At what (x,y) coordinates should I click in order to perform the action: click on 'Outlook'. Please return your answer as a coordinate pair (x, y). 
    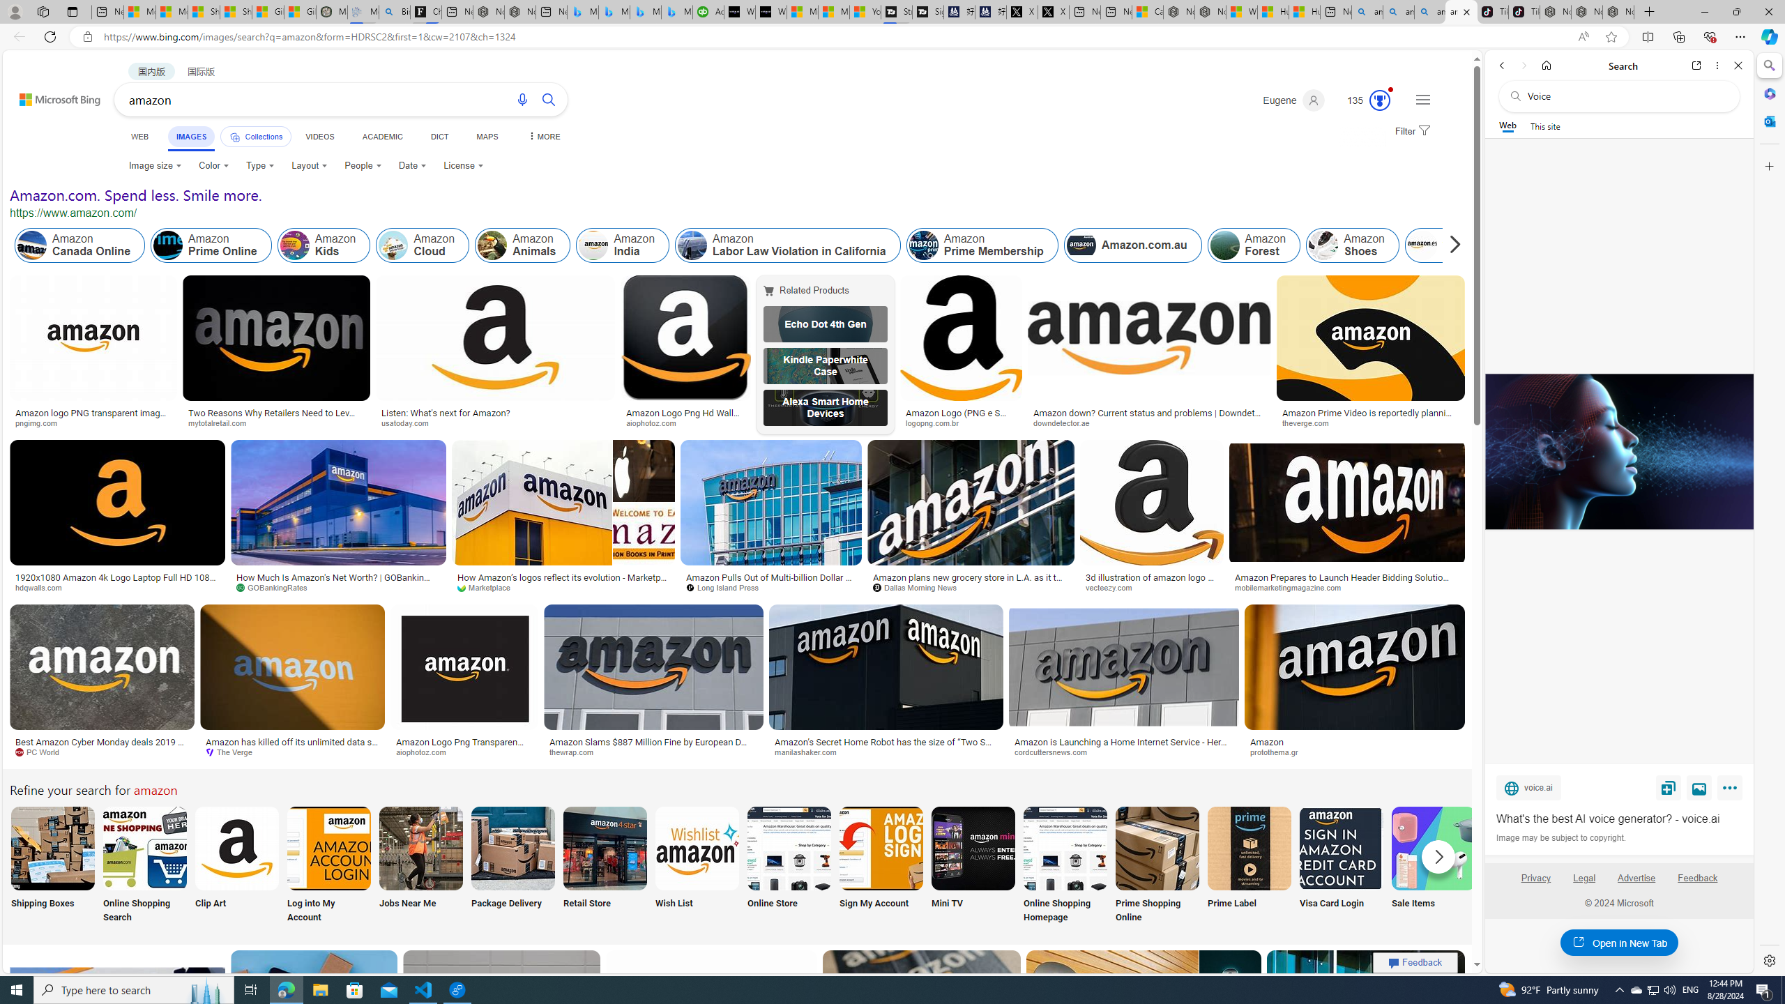
    Looking at the image, I should click on (1768, 120).